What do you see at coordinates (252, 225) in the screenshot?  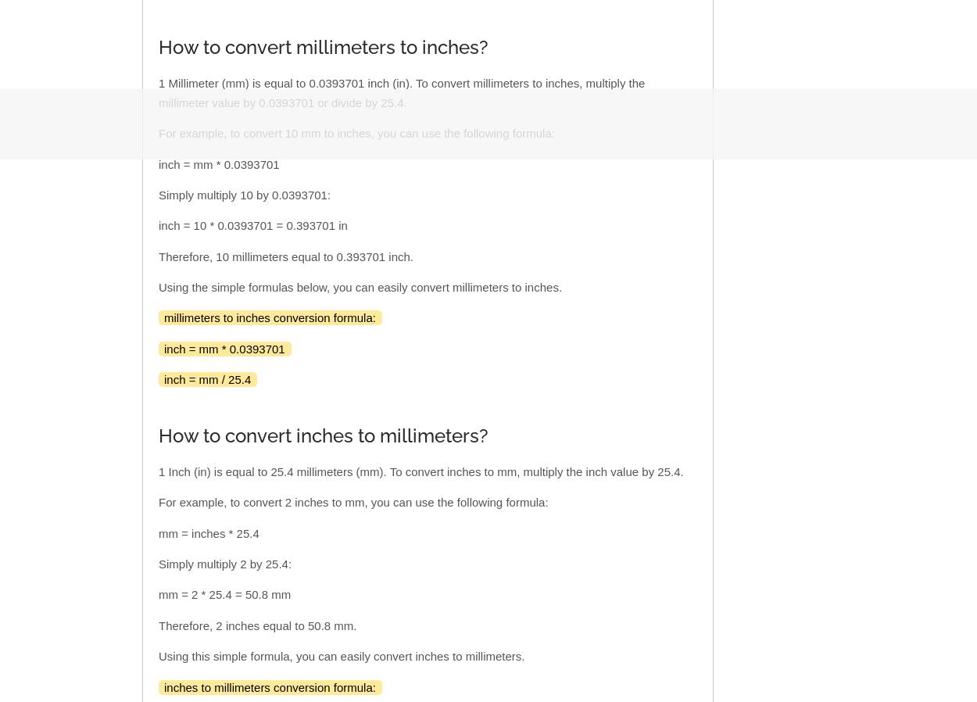 I see `'inch = 10 * 0.0393701 = 0.393701 in'` at bounding box center [252, 225].